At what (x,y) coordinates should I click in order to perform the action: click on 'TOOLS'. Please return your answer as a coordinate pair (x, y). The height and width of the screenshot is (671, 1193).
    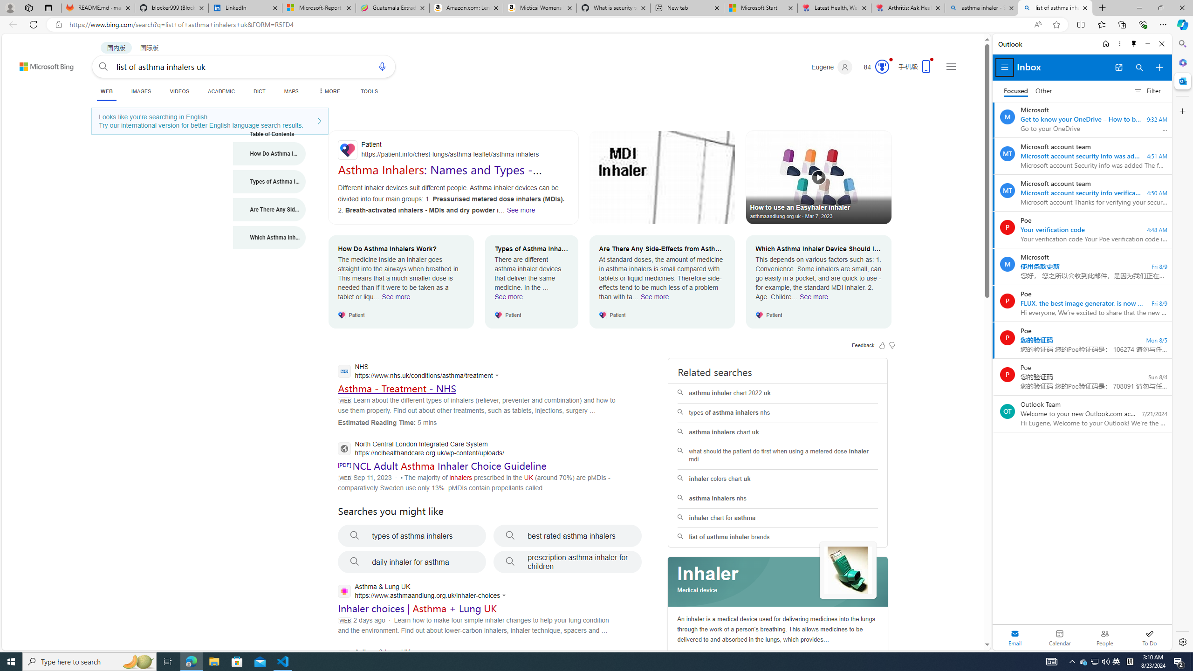
    Looking at the image, I should click on (369, 91).